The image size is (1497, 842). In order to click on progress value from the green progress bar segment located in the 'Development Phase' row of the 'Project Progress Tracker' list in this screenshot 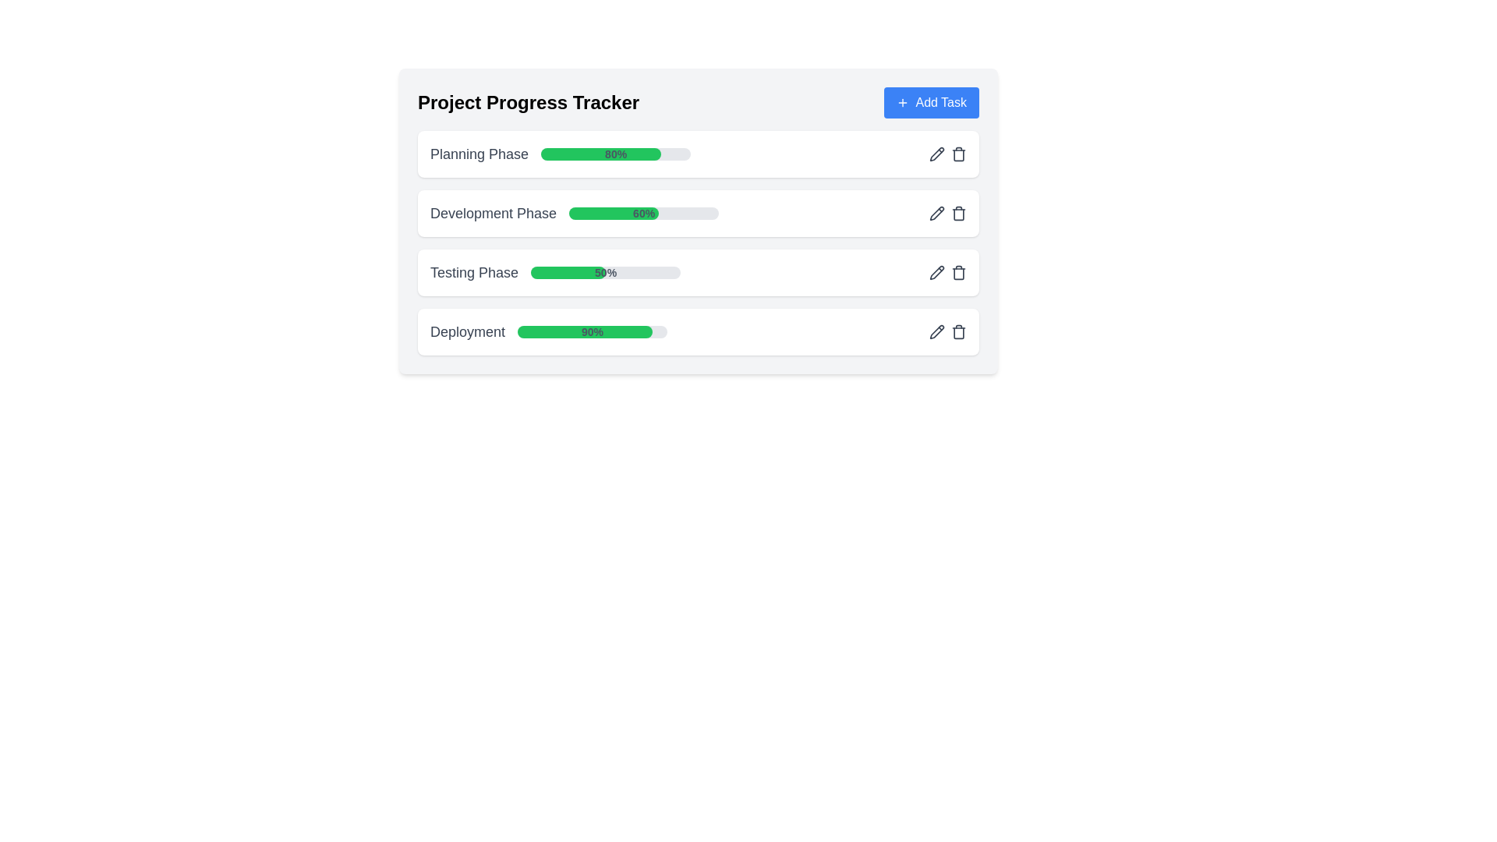, I will do `click(613, 213)`.